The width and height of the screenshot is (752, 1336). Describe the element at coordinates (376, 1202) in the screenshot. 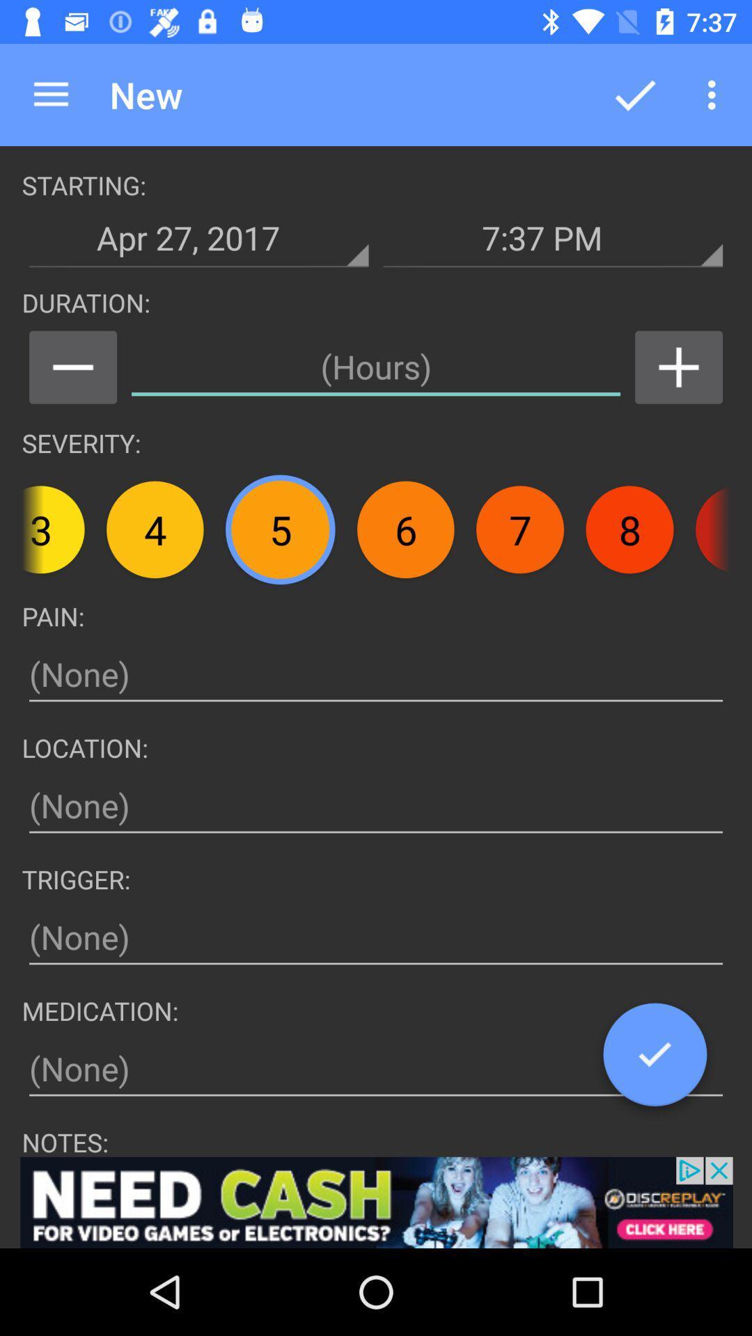

I see `advertisement` at that location.